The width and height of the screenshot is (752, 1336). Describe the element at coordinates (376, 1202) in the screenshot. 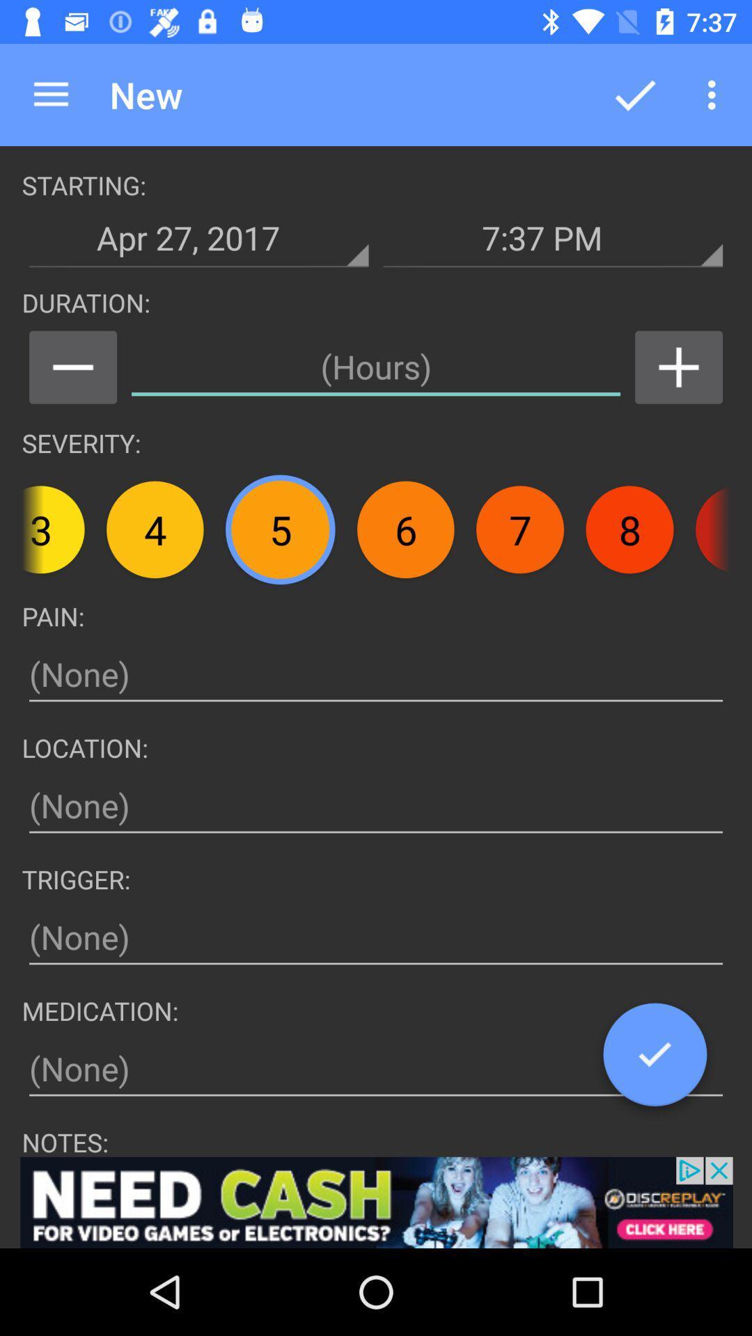

I see `advertisement` at that location.